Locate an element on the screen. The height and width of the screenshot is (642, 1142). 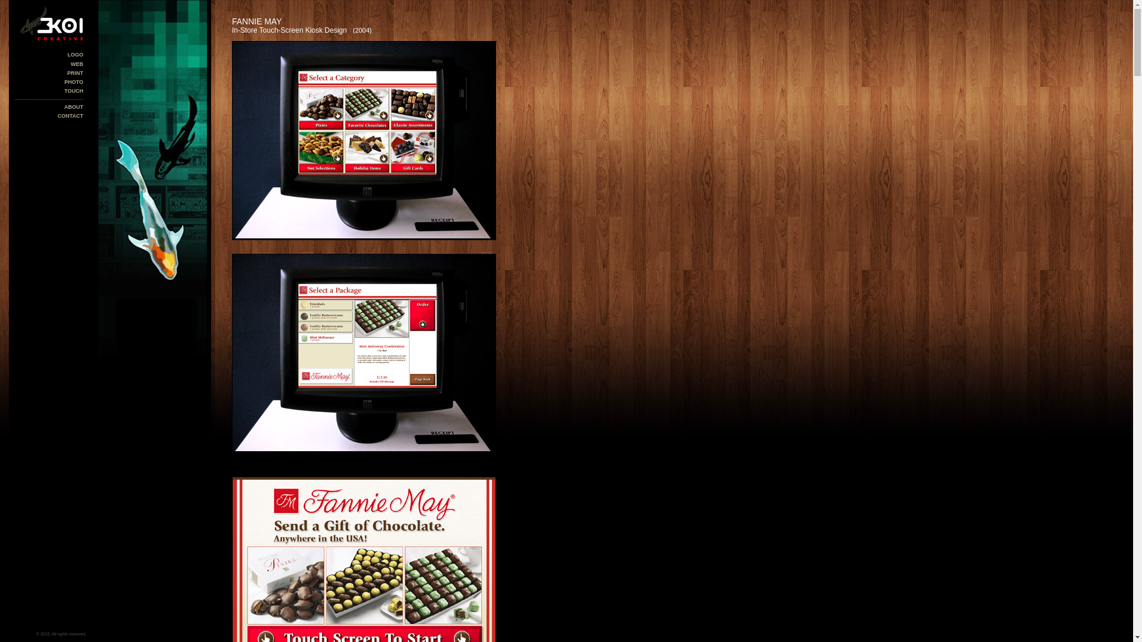
'ABOUT' is located at coordinates (73, 107).